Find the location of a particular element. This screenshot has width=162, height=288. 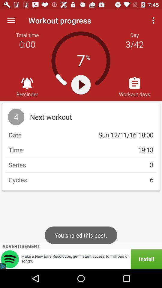

the item above total time item is located at coordinates (11, 20).